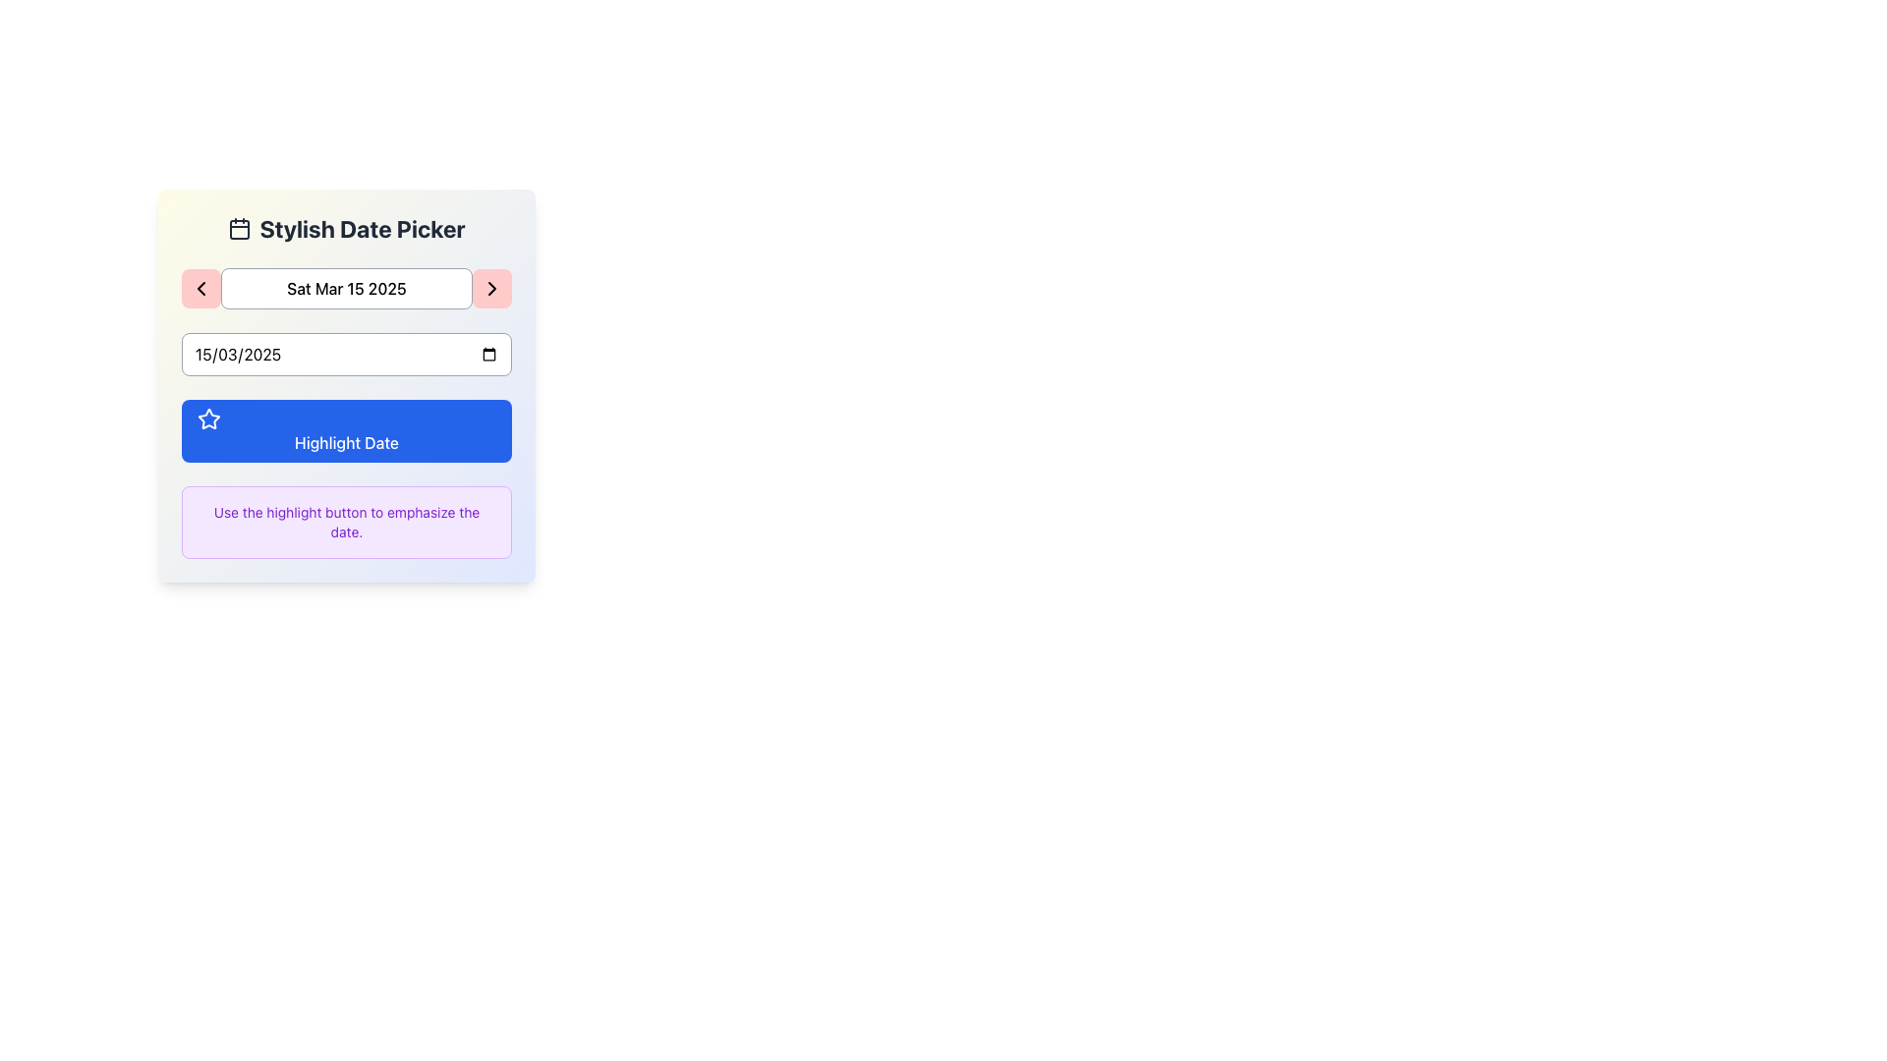 This screenshot has height=1061, width=1887. I want to click on the calendar SVG icon, which is located to the left of the 'Stylish Date Picker' title, so click(239, 227).